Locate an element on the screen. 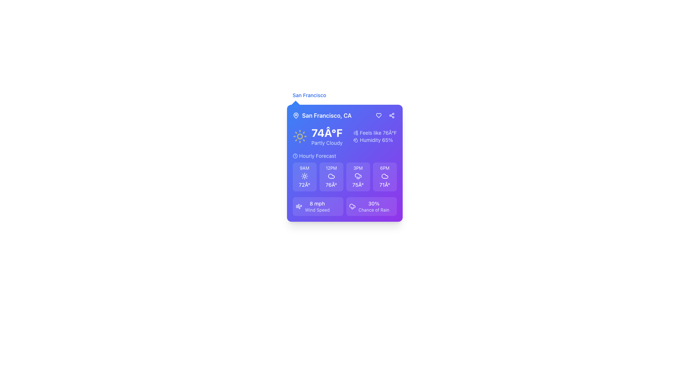 The height and width of the screenshot is (390, 694). the Informational display box that shows '8 mph' Wind Speed, which features a stylized wind lines icon and is located in the bottom-left section of the grid layout is located at coordinates (318, 206).